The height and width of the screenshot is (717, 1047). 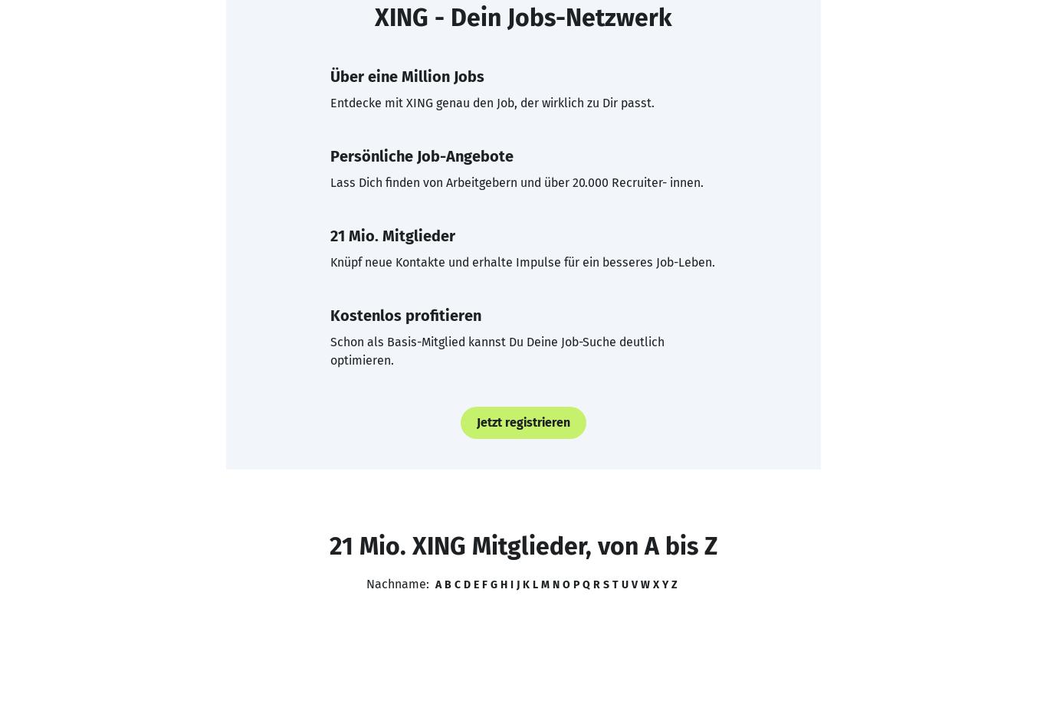 What do you see at coordinates (544, 584) in the screenshot?
I see `'M'` at bounding box center [544, 584].